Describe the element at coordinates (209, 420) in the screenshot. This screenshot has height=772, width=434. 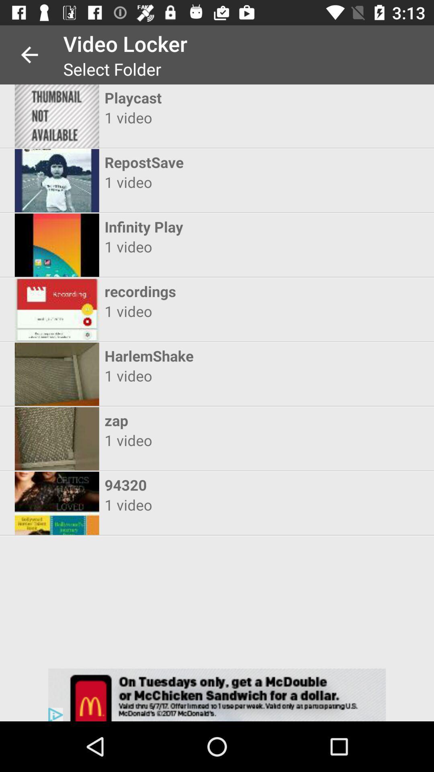
I see `the item below the 1 video icon` at that location.